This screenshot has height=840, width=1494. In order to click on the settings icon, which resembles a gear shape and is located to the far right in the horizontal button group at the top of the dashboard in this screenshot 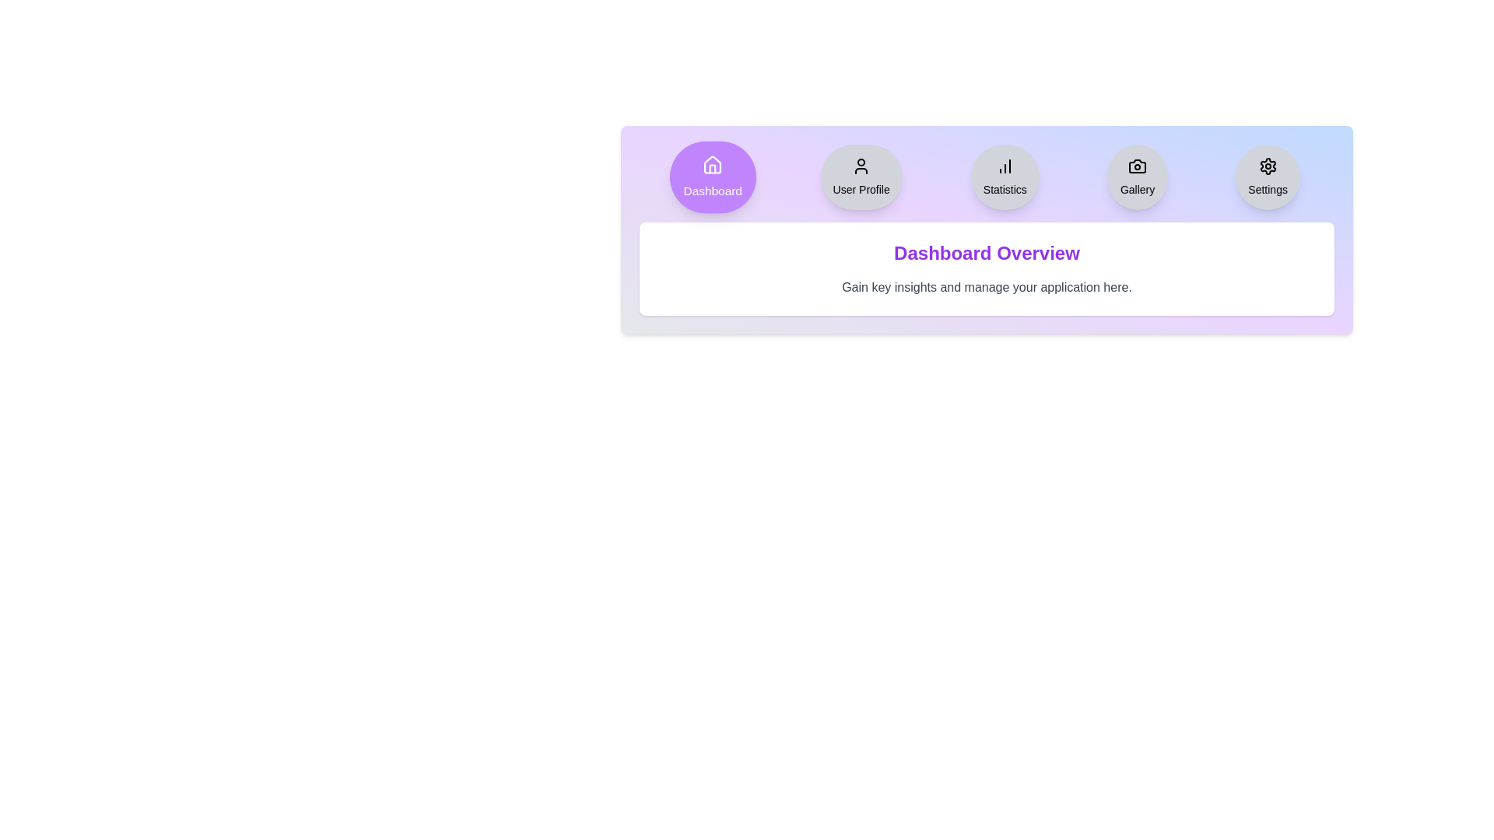, I will do `click(1268, 166)`.